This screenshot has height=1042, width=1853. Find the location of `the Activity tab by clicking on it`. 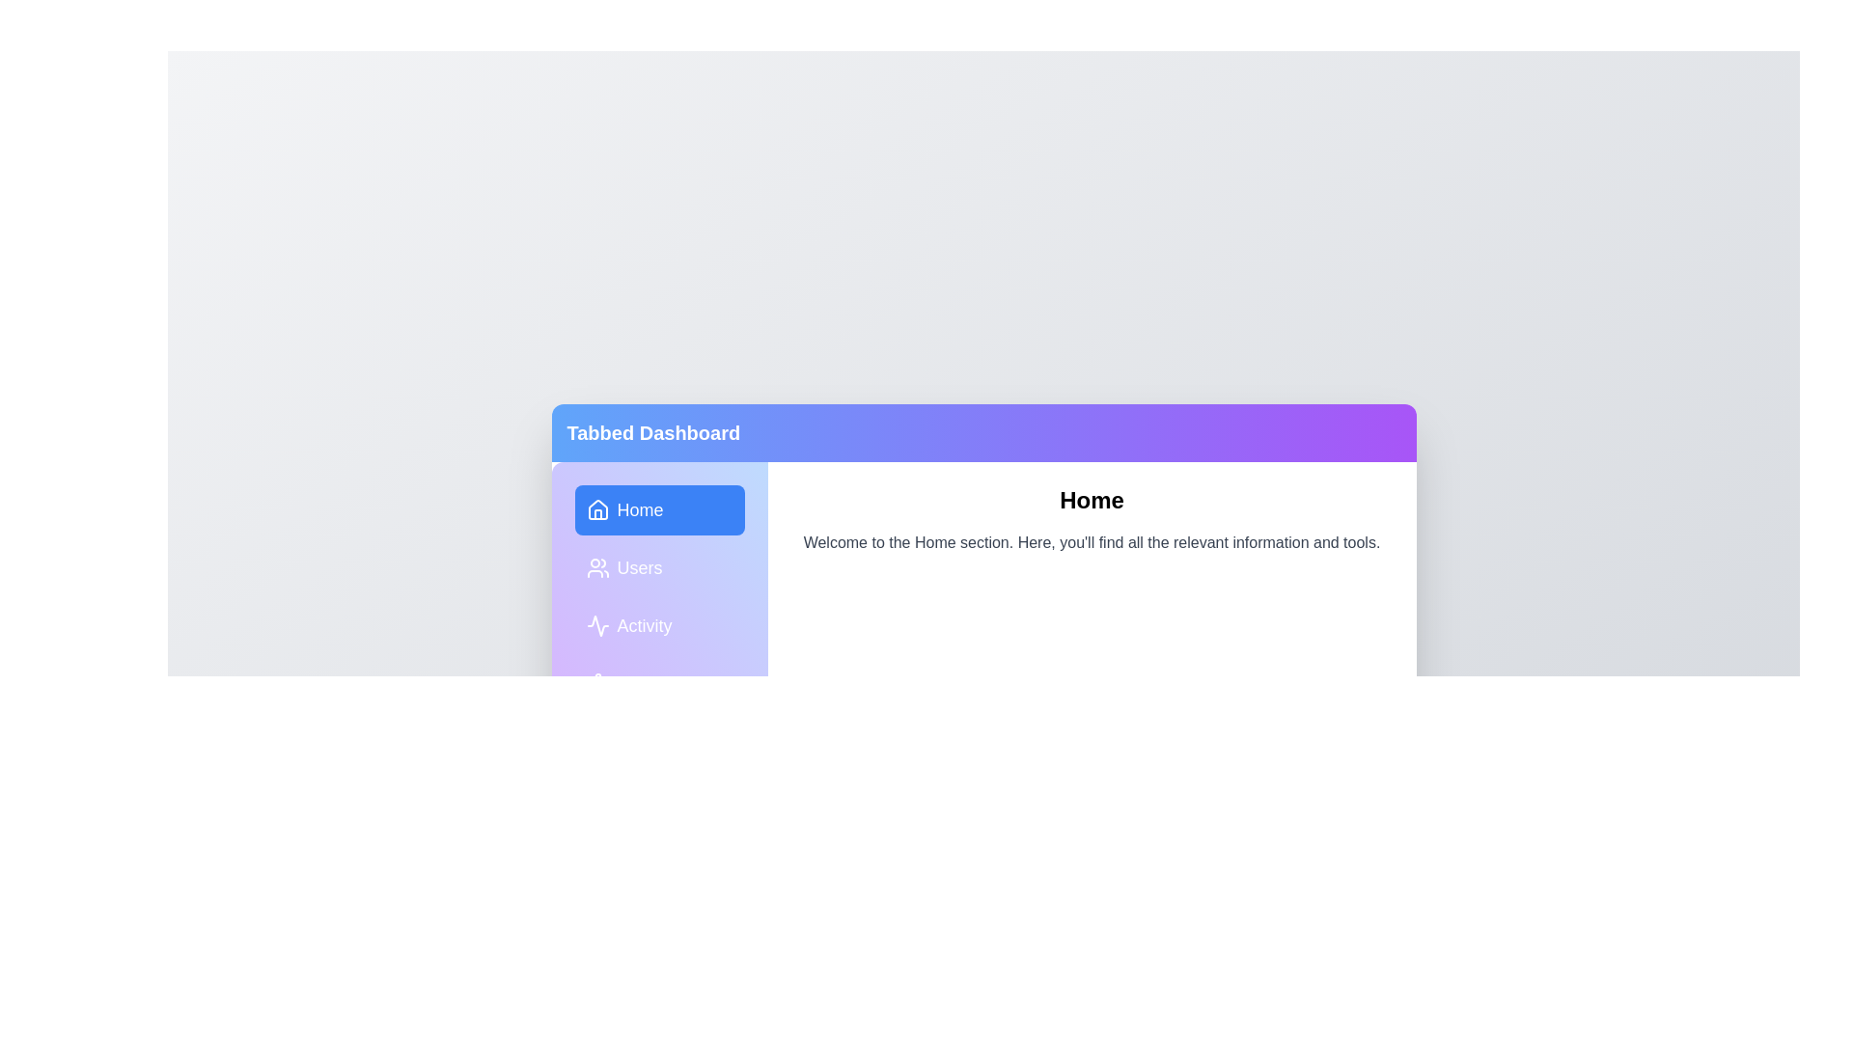

the Activity tab by clicking on it is located at coordinates (659, 625).